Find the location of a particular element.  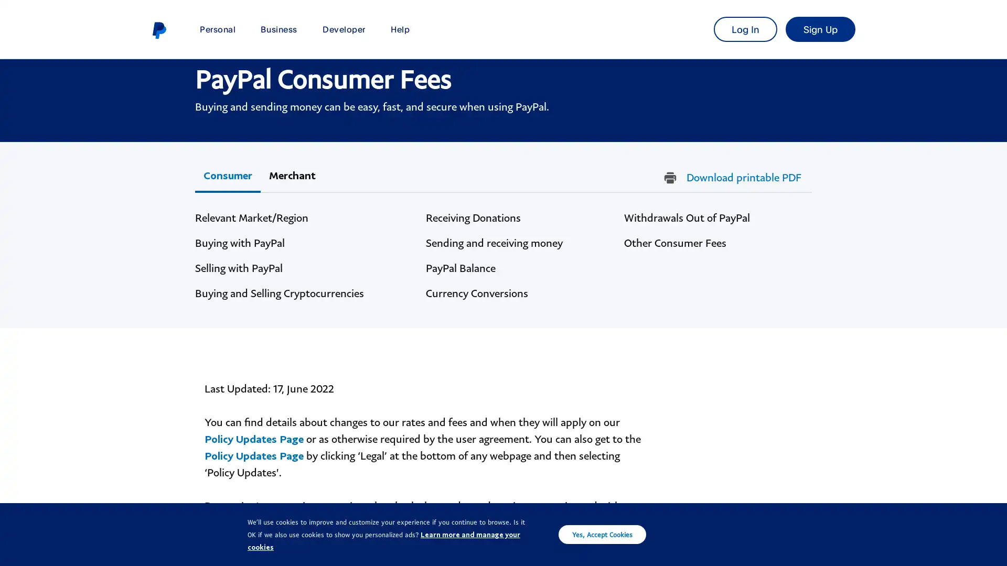

Merchant is located at coordinates (292, 175).